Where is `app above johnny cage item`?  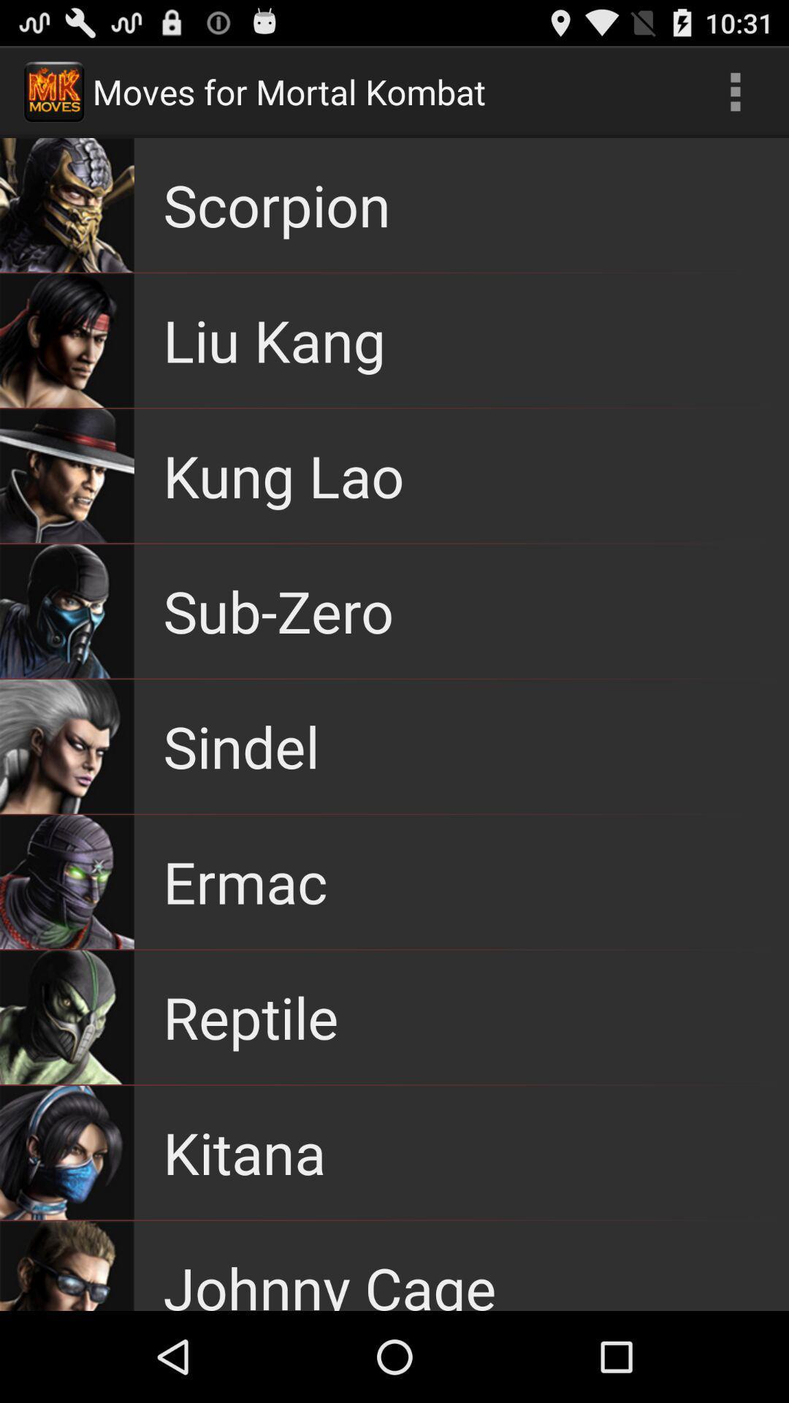 app above johnny cage item is located at coordinates (243, 1152).